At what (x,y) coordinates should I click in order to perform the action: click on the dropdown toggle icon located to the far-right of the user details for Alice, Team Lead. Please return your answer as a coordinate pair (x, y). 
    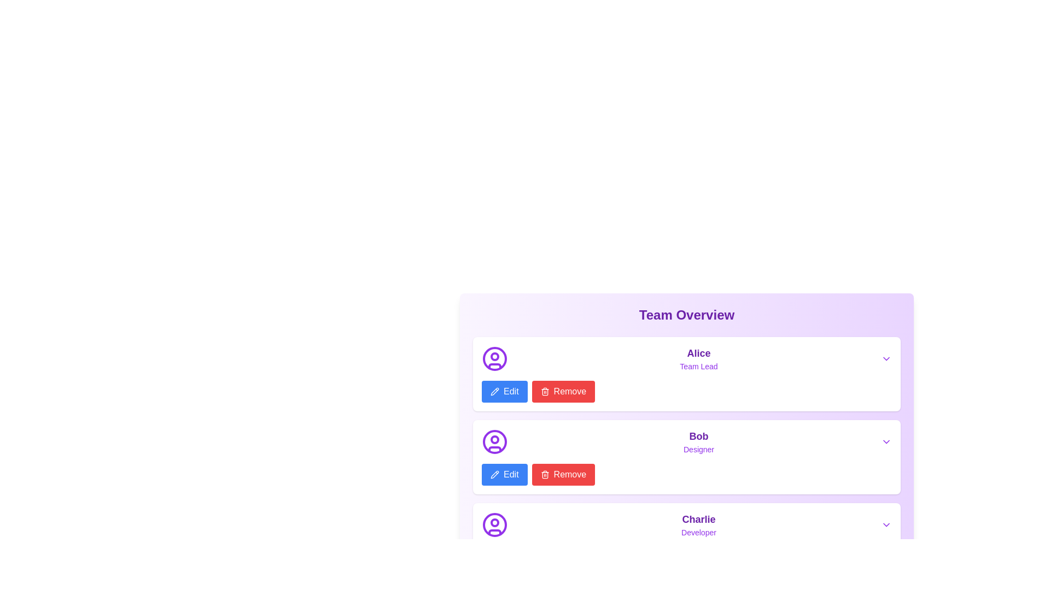
    Looking at the image, I should click on (886, 358).